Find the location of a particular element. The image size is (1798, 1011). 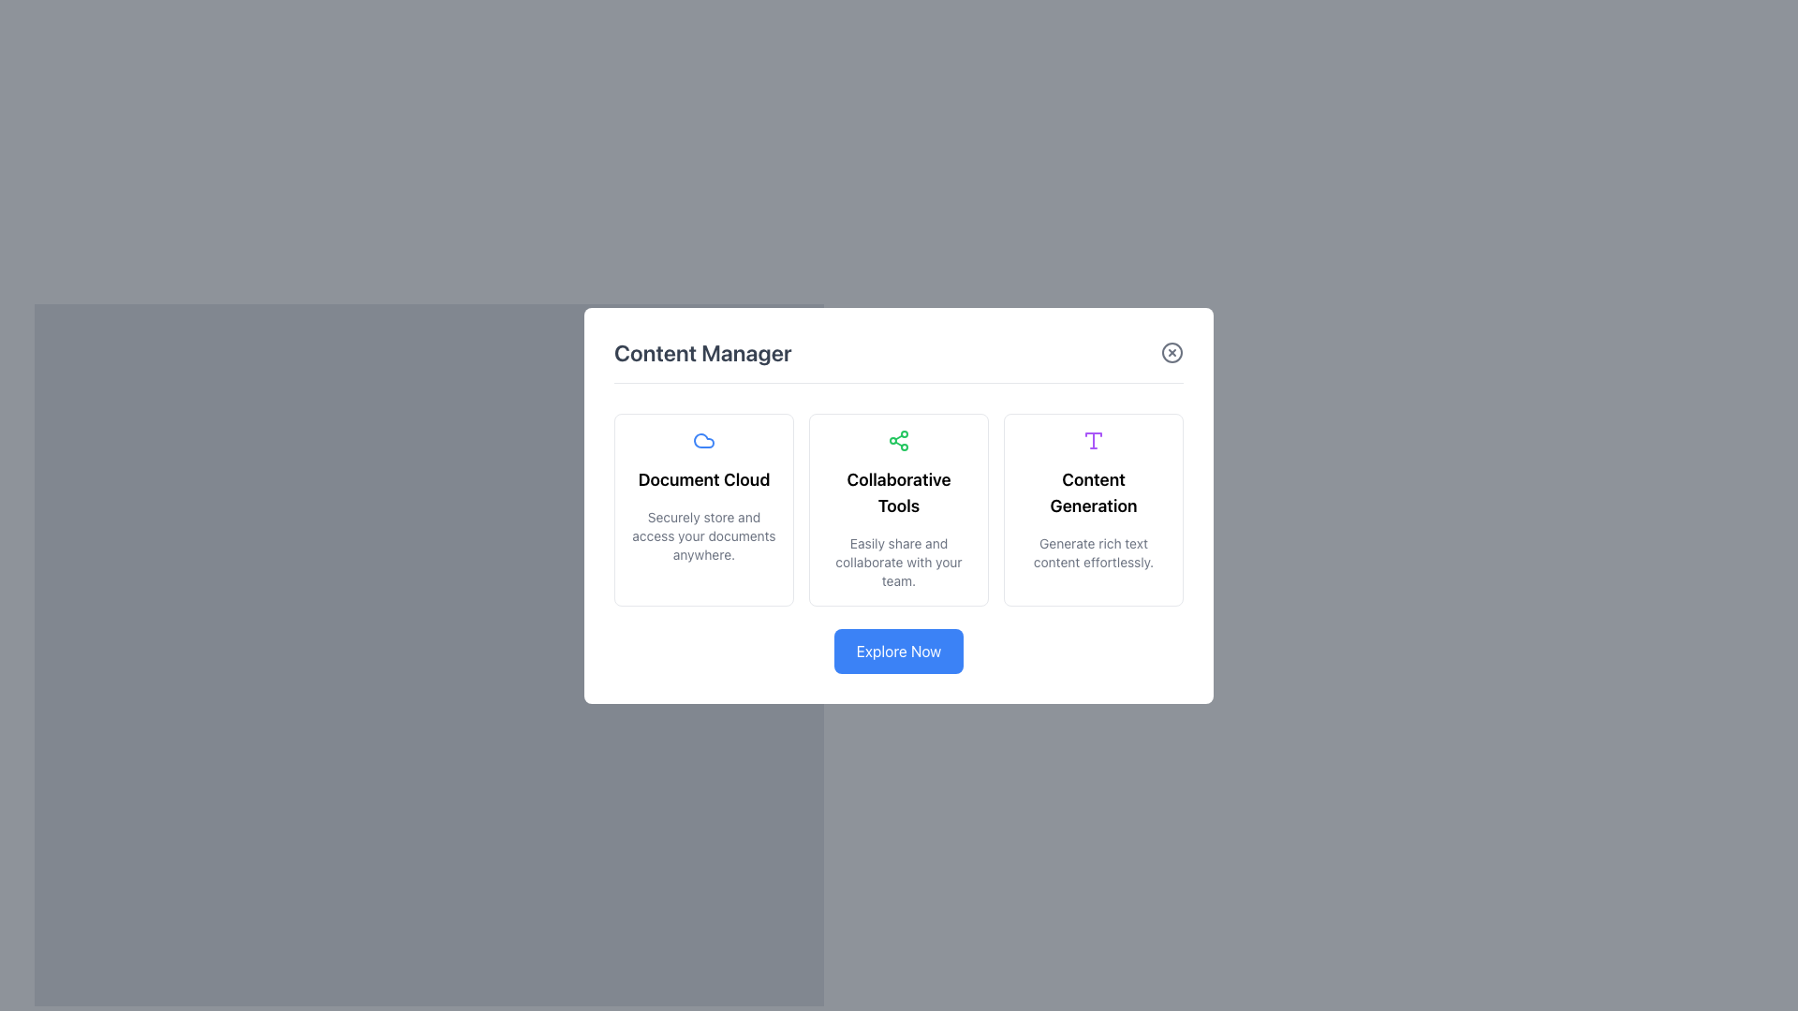

the close button represented by a circular SVG element with an 'X' in the top-right area of the modal window to trigger hover effects is located at coordinates (1172, 352).